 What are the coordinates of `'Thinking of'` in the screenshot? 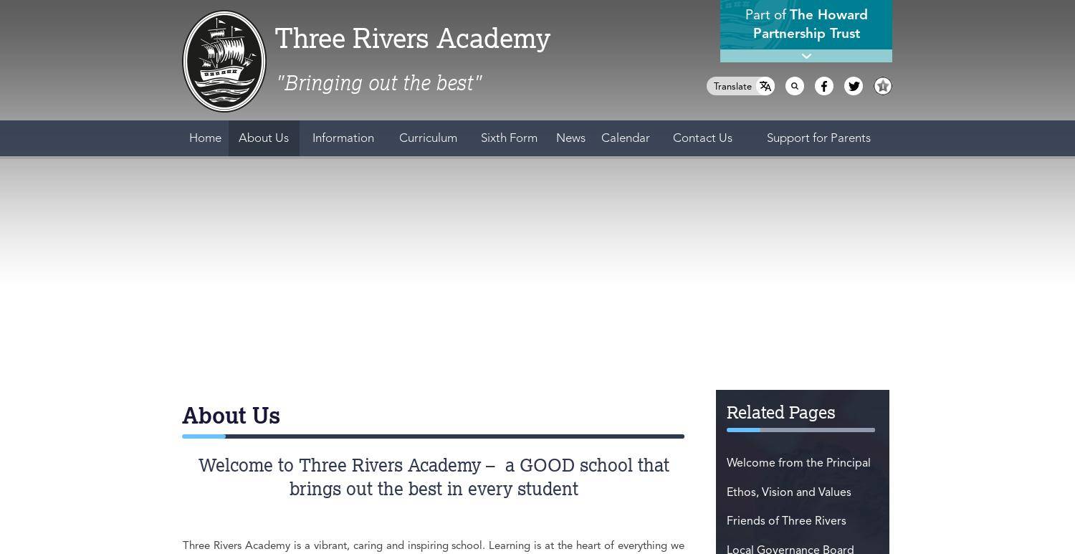 It's located at (730, 366).